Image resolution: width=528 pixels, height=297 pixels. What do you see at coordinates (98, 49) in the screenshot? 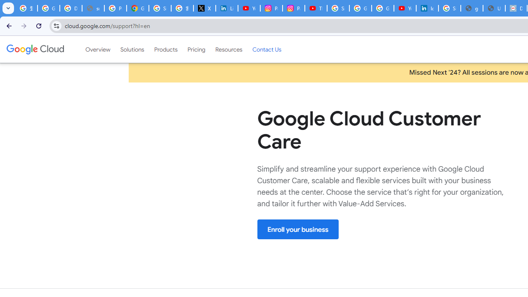
I see `'Overview'` at bounding box center [98, 49].